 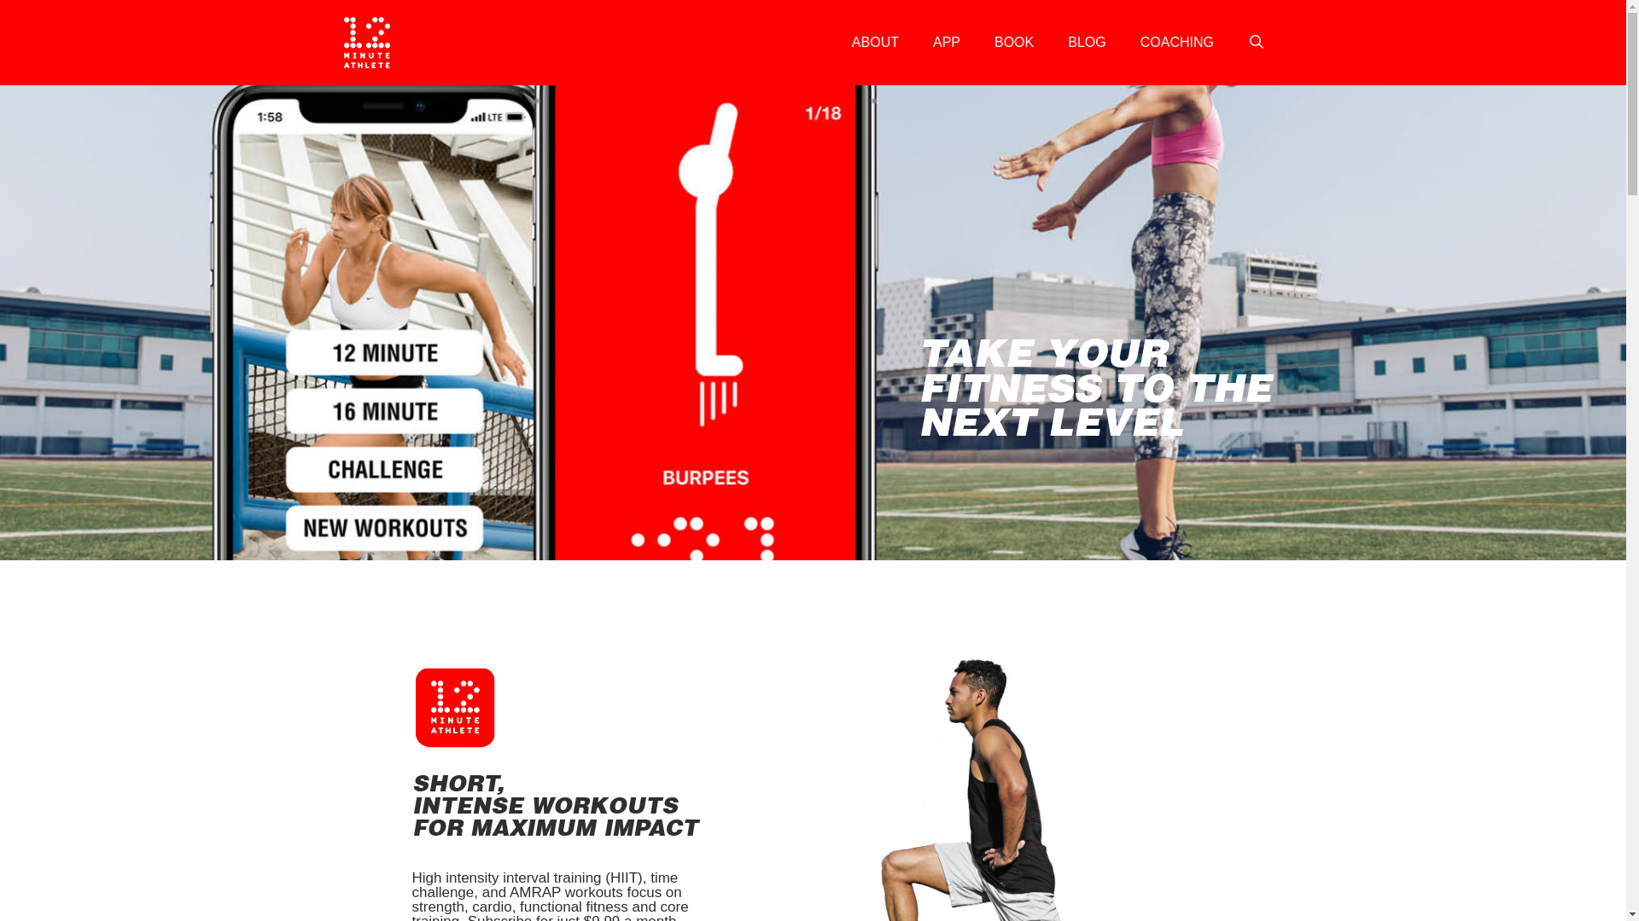 I want to click on '12 Minute Athlete', so click(x=365, y=42).